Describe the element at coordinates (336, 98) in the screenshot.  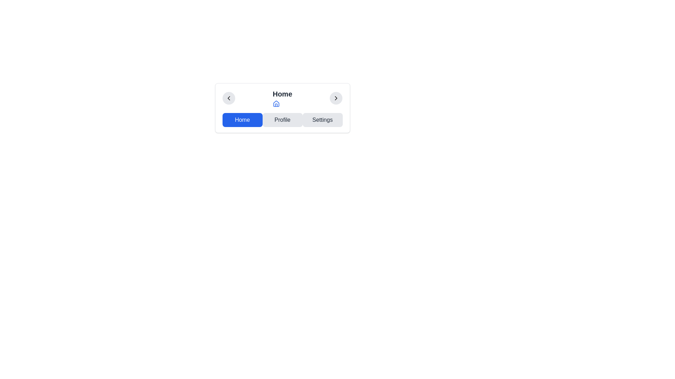
I see `the small right arrow icon located` at that location.